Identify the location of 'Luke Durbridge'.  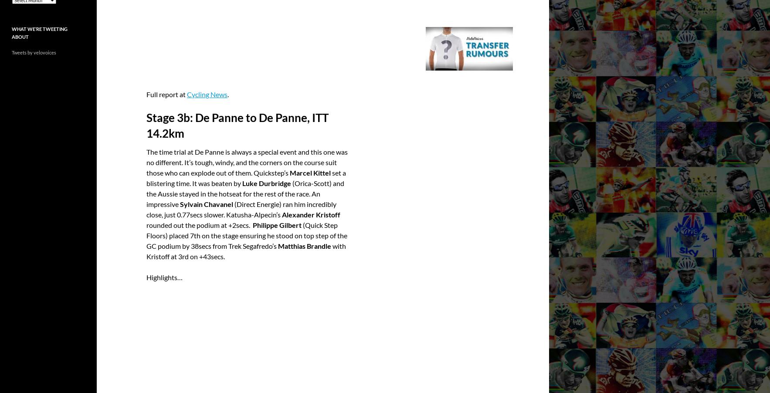
(265, 183).